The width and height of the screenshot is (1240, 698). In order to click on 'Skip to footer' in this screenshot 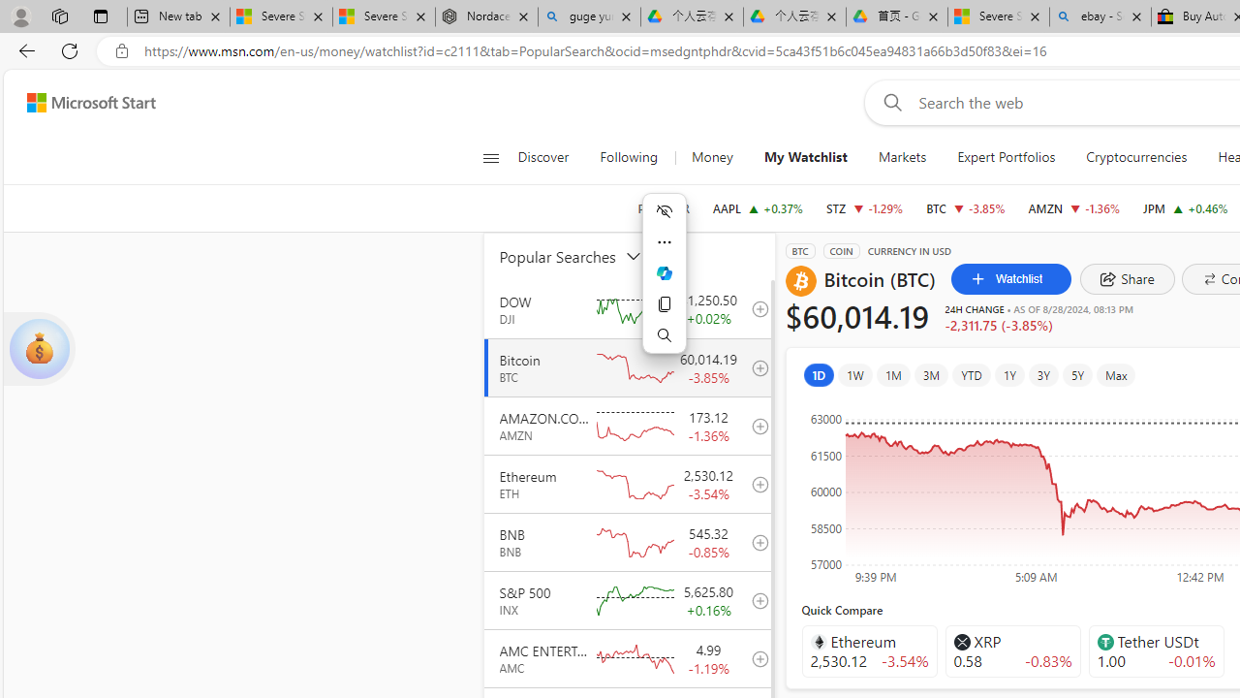, I will do `click(78, 102)`.